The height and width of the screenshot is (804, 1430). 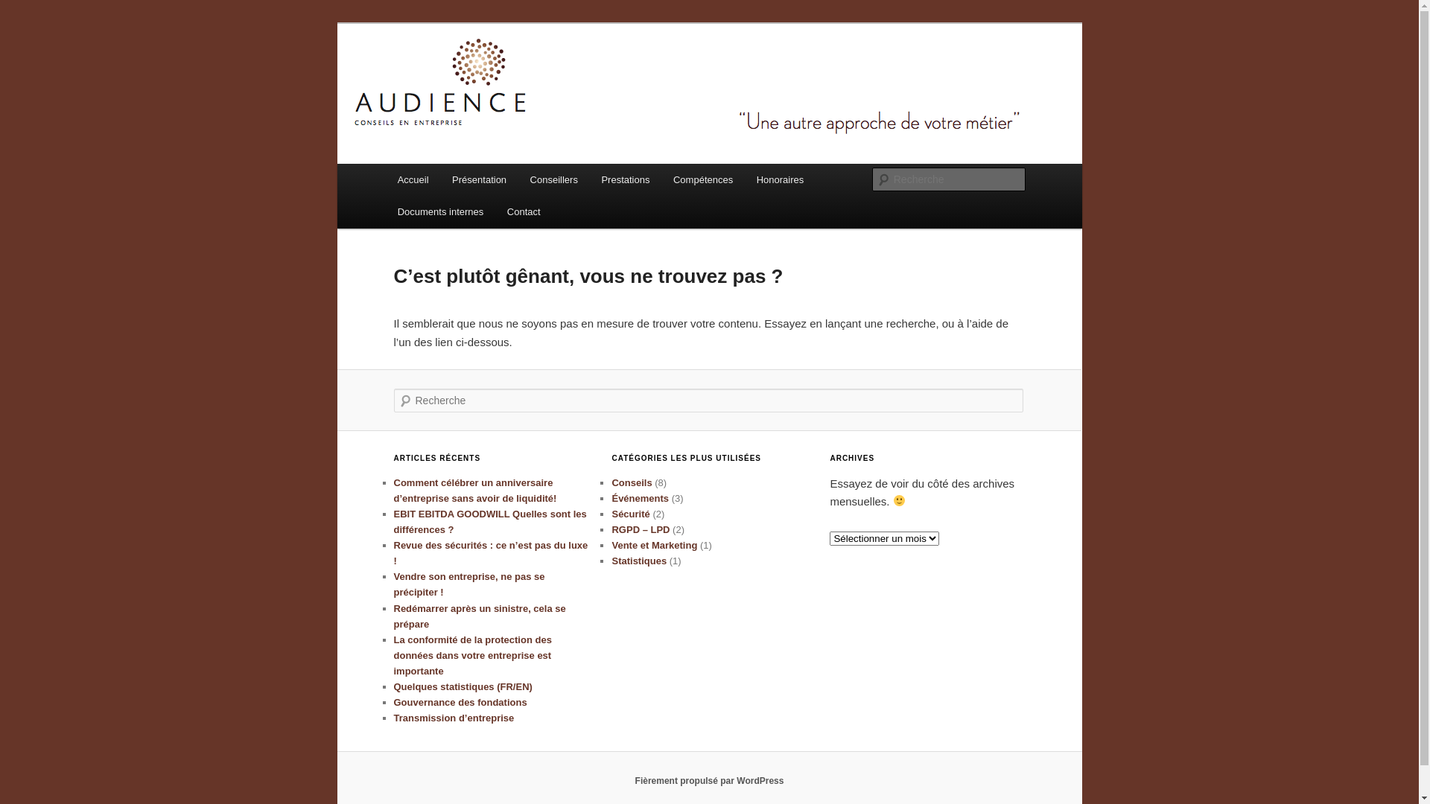 What do you see at coordinates (779, 179) in the screenshot?
I see `'Honoraires'` at bounding box center [779, 179].